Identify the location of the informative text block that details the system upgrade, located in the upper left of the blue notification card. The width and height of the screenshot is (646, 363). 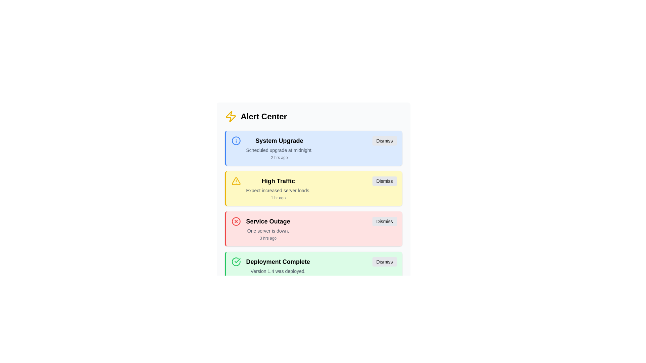
(279, 148).